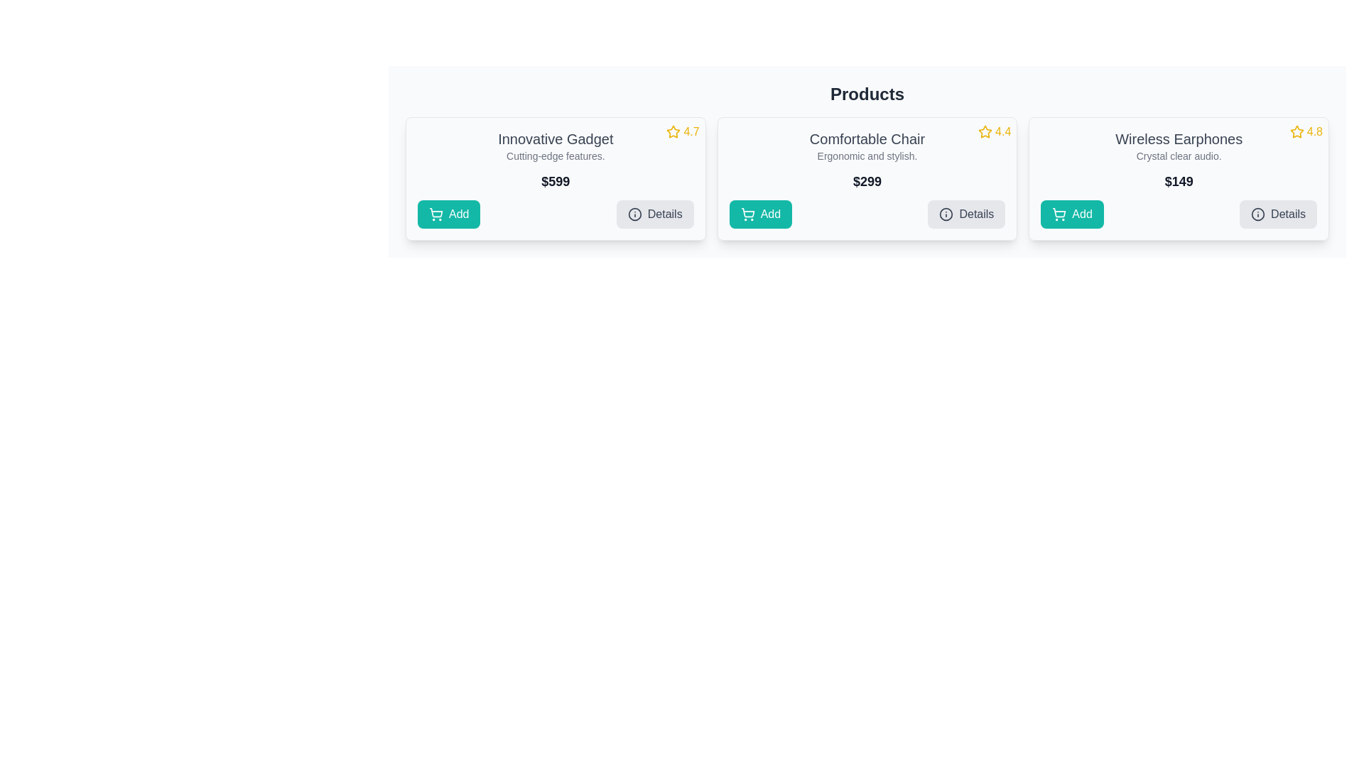  I want to click on the star icon representing the rating for the 'Comfortable Chair' product, located at the top-right corner of the product card next to the rating text '4.4', so click(985, 131).